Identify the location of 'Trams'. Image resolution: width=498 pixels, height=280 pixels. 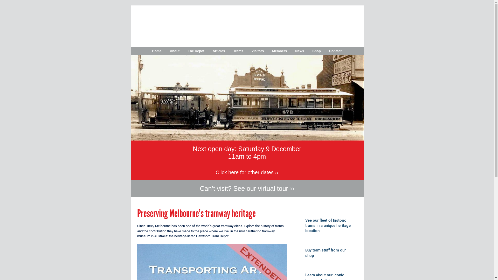
(238, 51).